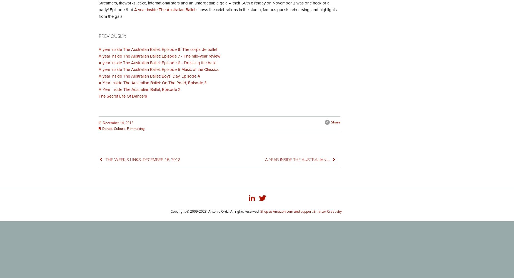  What do you see at coordinates (149, 76) in the screenshot?
I see `'A year inside The Australian Ballet: Boys' Day, Episode 4'` at bounding box center [149, 76].